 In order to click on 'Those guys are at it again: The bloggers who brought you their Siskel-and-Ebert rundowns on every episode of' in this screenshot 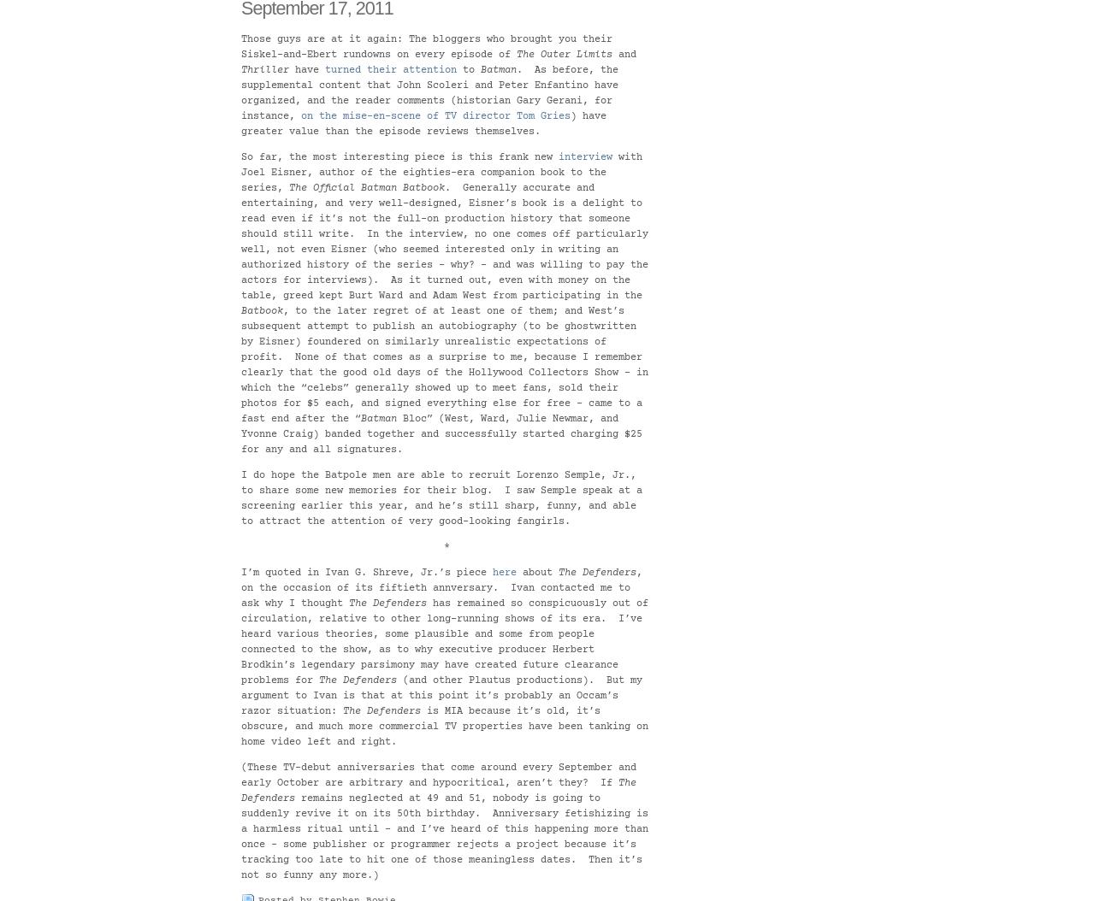, I will do `click(426, 46)`.